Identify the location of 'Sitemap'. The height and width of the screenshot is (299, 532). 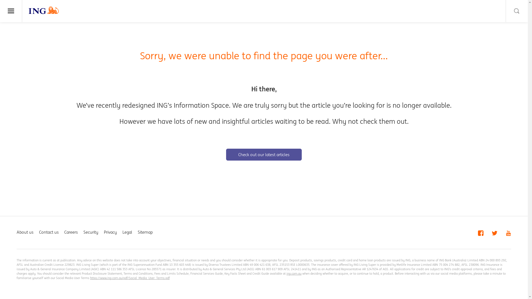
(138, 232).